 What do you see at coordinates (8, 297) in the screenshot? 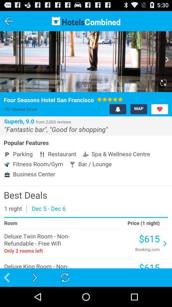
I see `the arrow_backward icon` at bounding box center [8, 297].